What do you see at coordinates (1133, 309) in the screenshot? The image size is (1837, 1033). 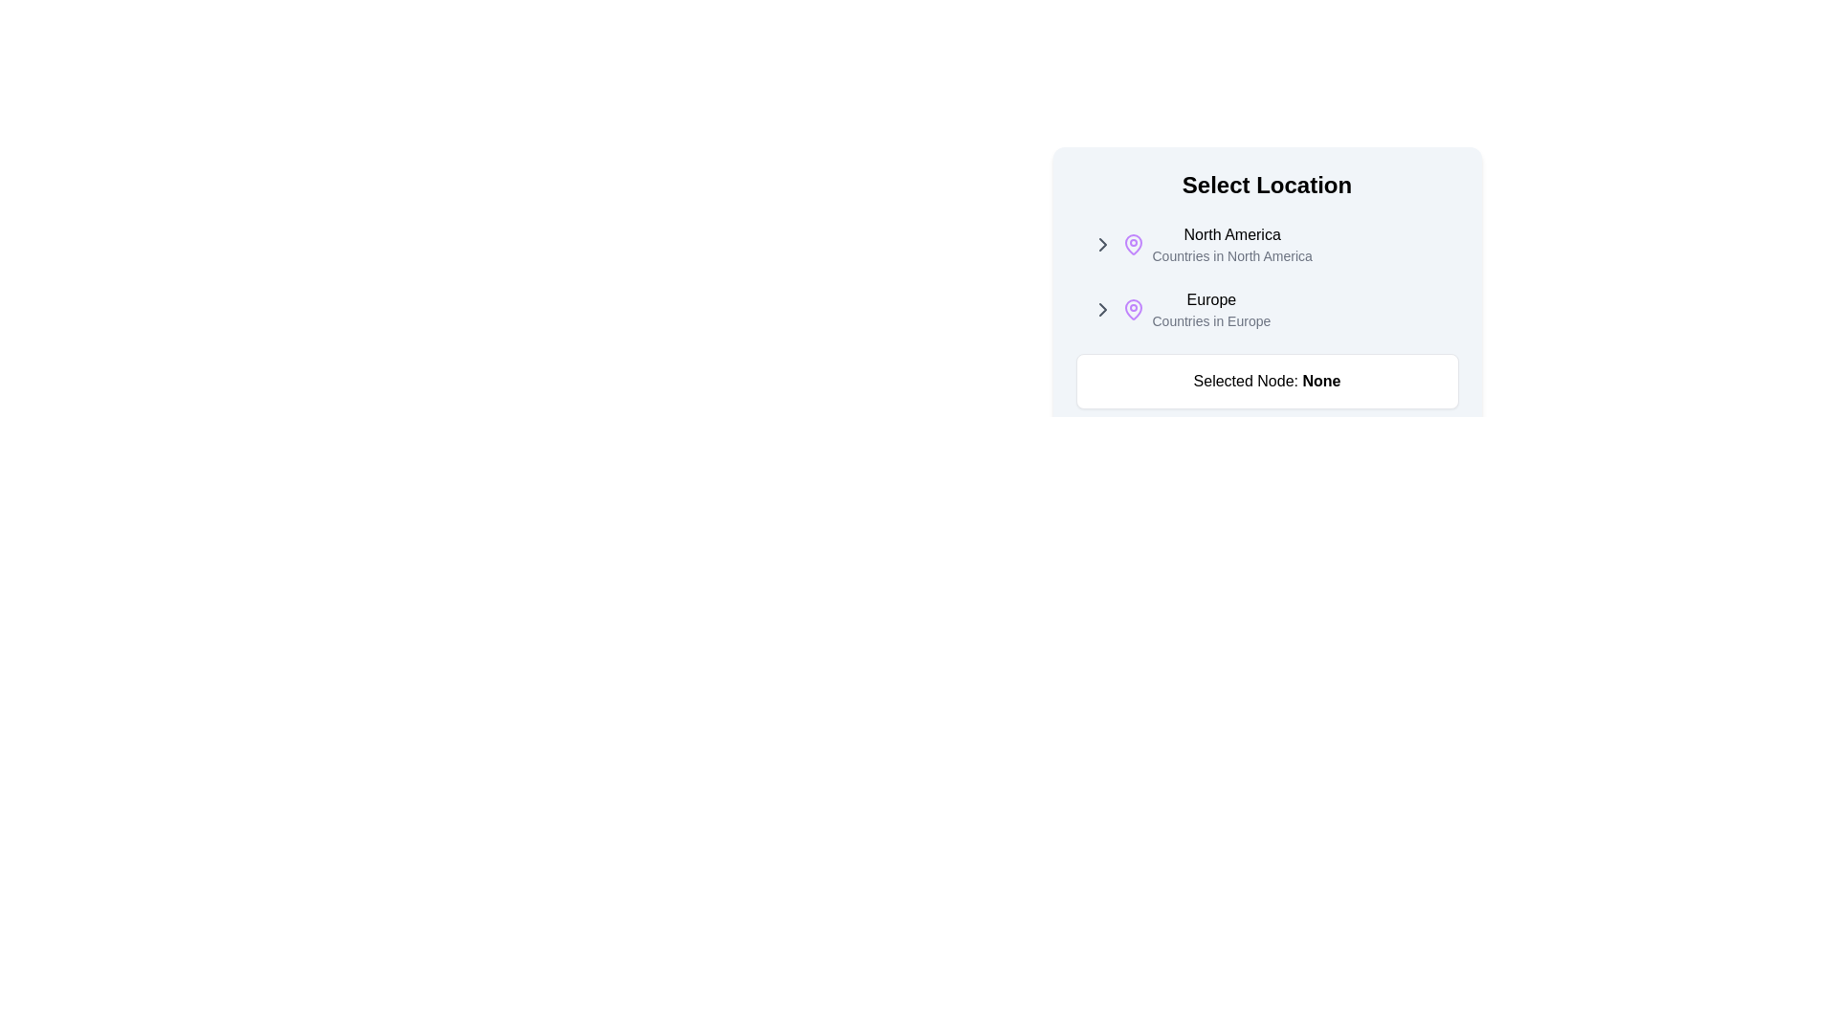 I see `the map-pin icon located next to the label 'Europe' under the 'Select Location' header` at bounding box center [1133, 309].